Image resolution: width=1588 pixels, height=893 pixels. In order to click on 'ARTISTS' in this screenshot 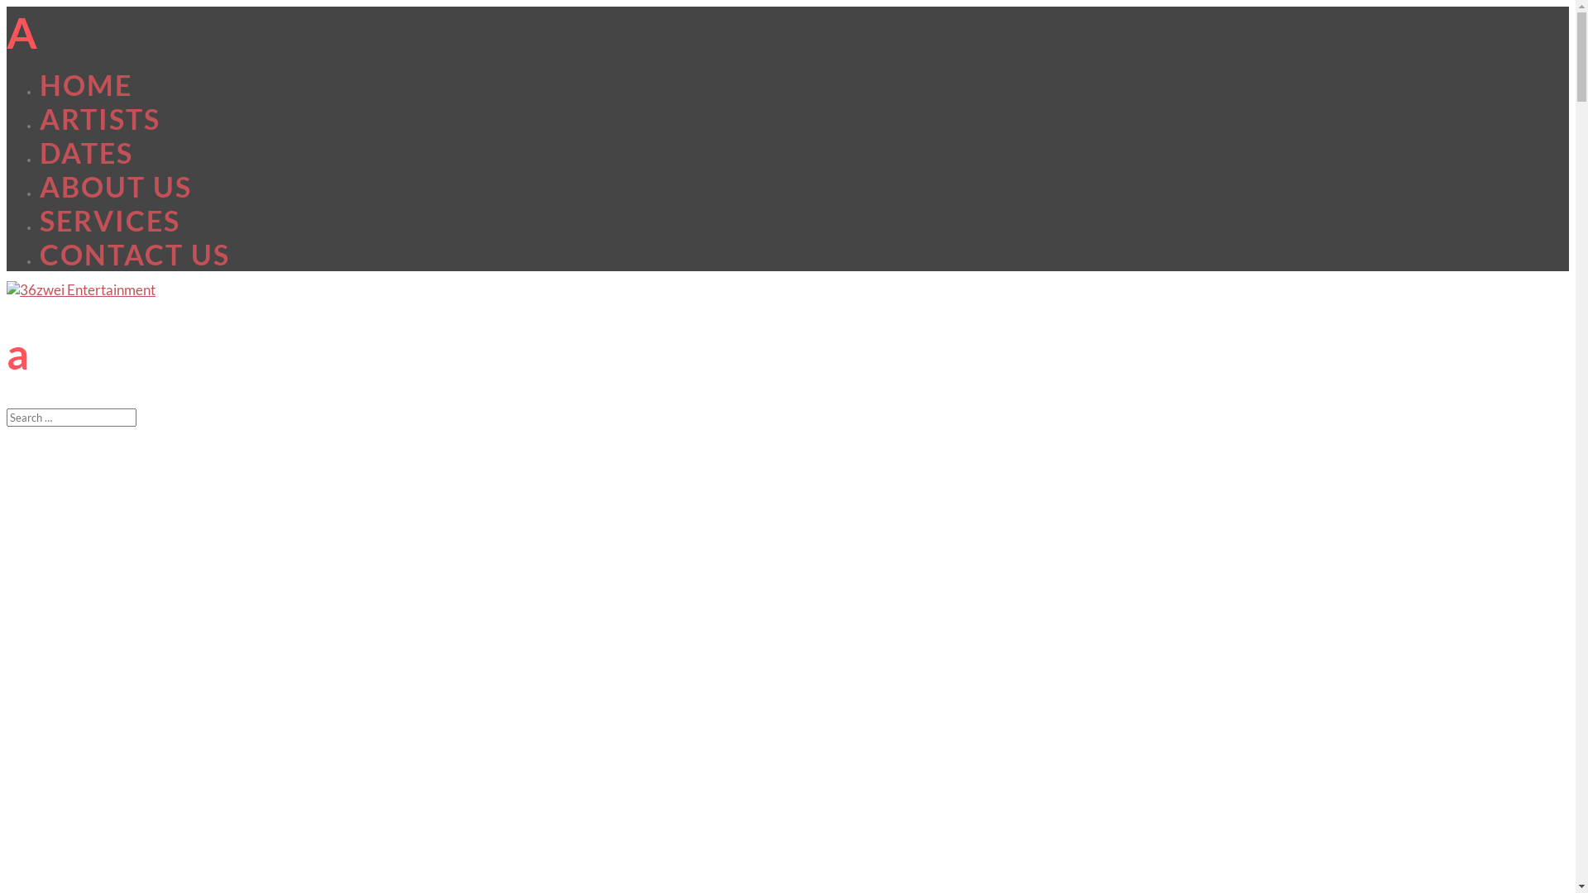, I will do `click(98, 117)`.